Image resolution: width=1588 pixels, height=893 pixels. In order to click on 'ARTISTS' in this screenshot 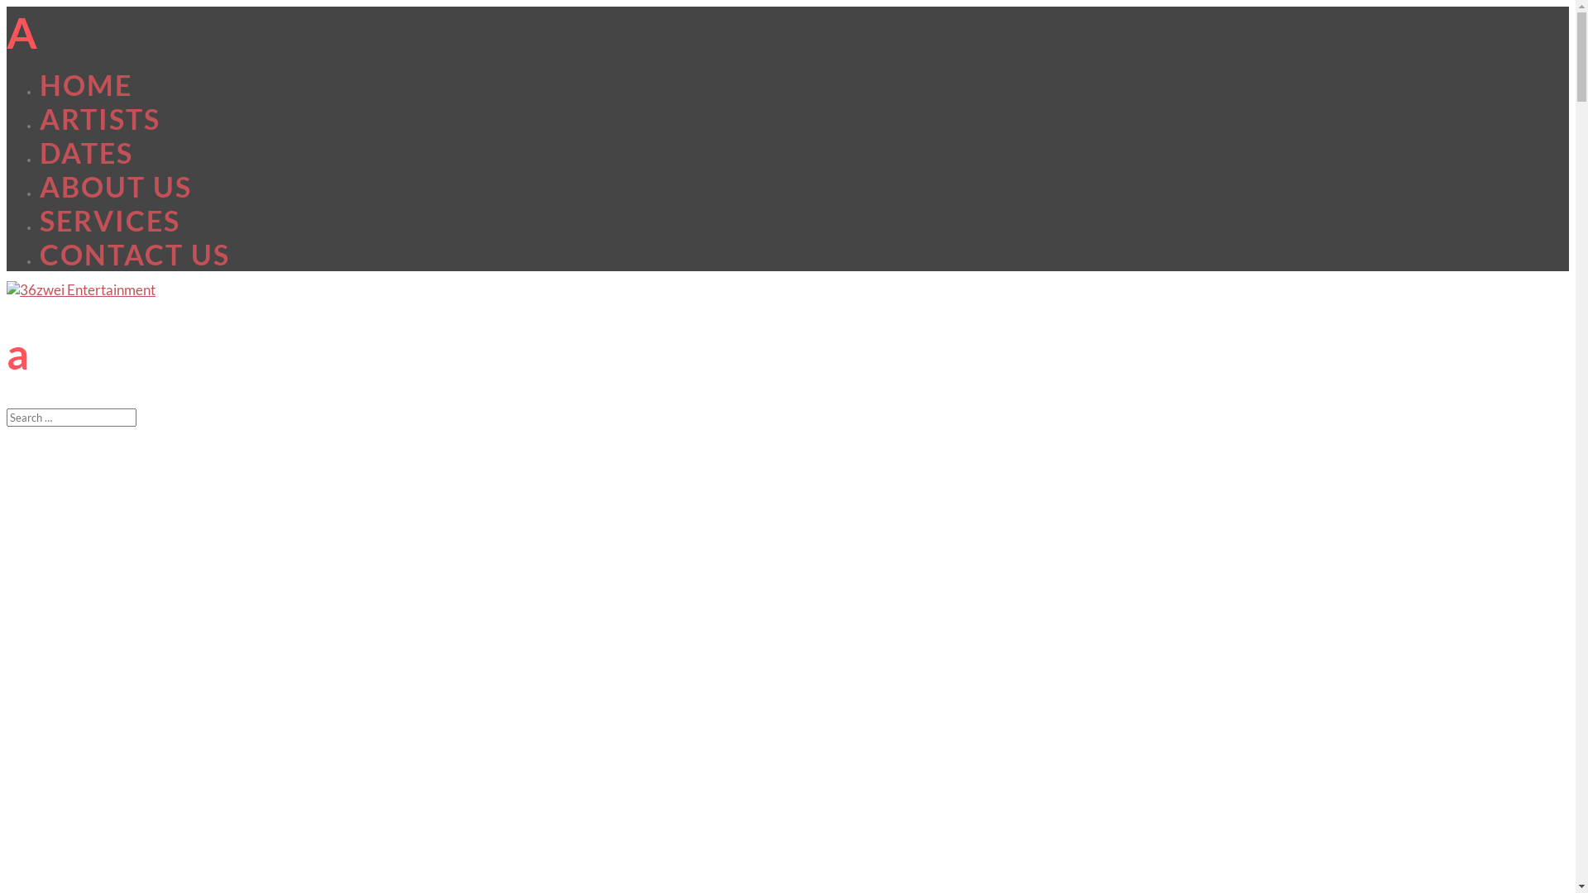, I will do `click(98, 117)`.